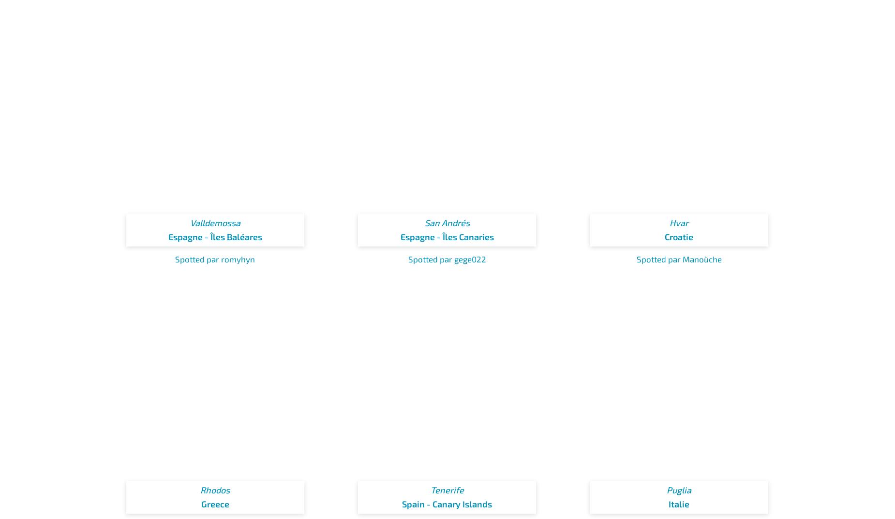 The image size is (895, 519). Describe the element at coordinates (214, 236) in the screenshot. I see `'Espagne - Îles Baléares'` at that location.